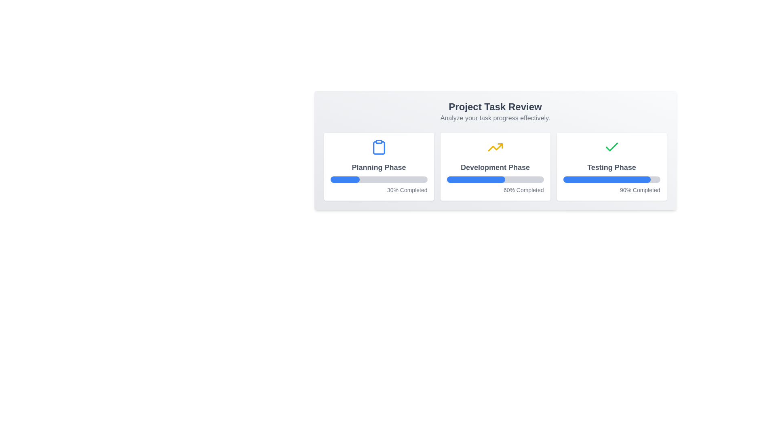 The height and width of the screenshot is (436, 776). I want to click on text label displaying 'Planning Phase' located in the leftmost card, just below the icon and above the progress bar, so click(378, 167).